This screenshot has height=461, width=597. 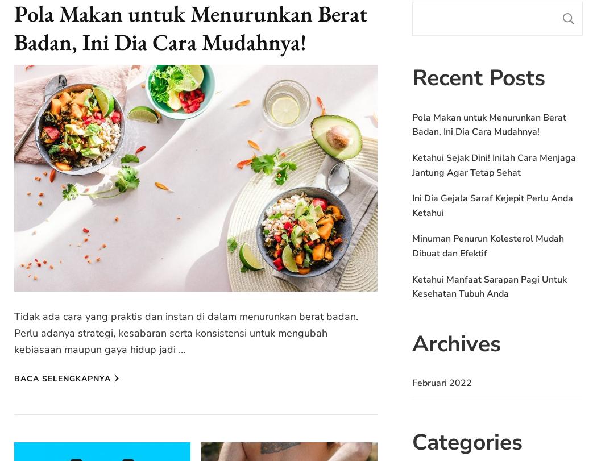 What do you see at coordinates (442, 383) in the screenshot?
I see `'Februari 2022'` at bounding box center [442, 383].